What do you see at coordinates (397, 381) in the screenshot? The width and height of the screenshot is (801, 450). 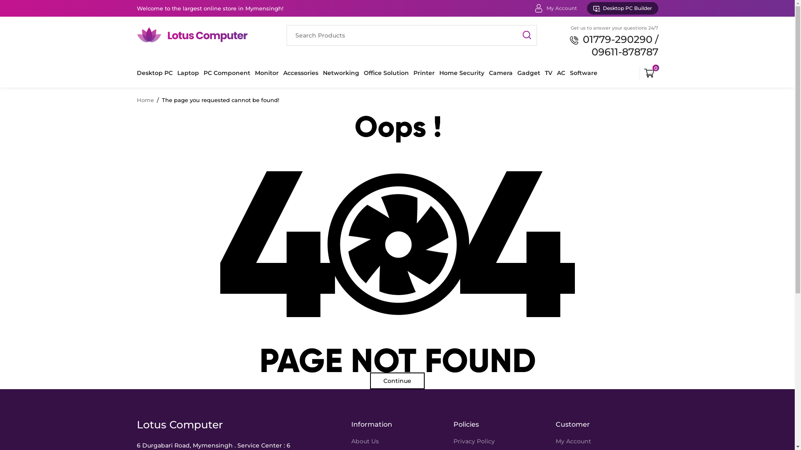 I see `'Continue'` at bounding box center [397, 381].